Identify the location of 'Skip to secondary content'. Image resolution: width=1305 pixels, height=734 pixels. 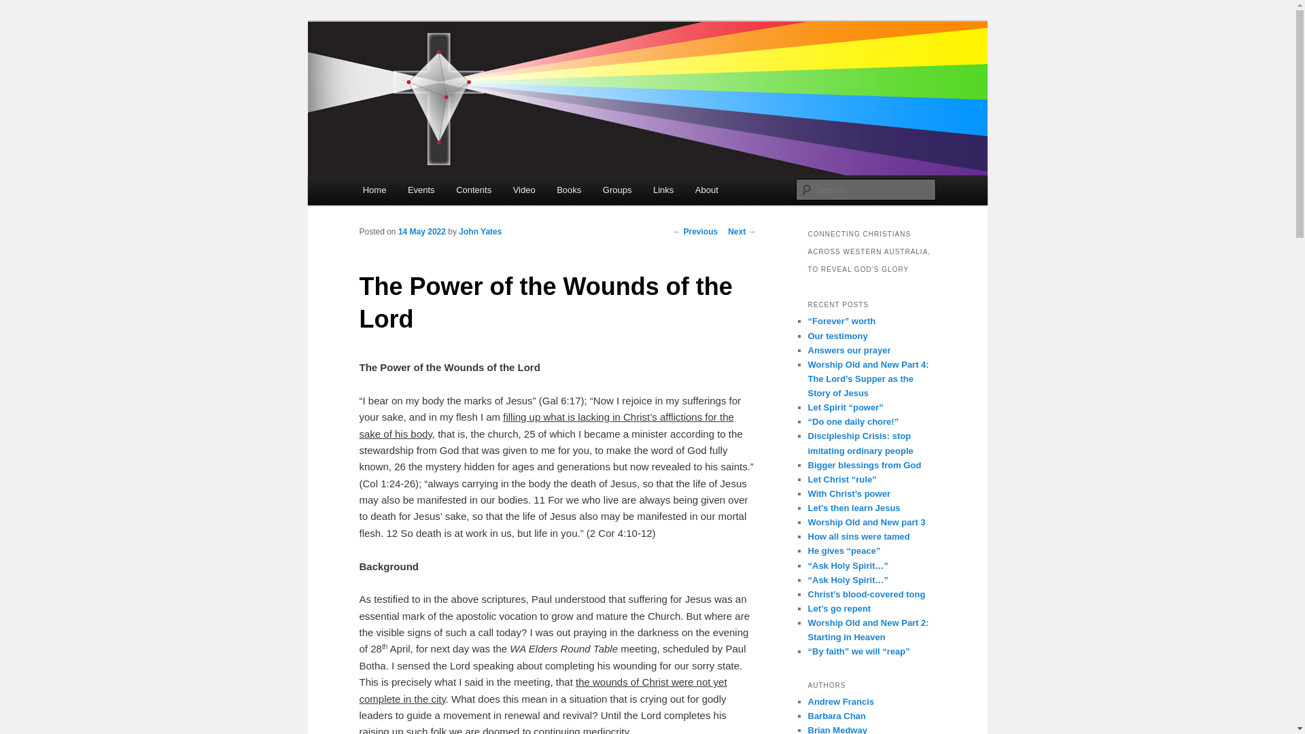
(429, 192).